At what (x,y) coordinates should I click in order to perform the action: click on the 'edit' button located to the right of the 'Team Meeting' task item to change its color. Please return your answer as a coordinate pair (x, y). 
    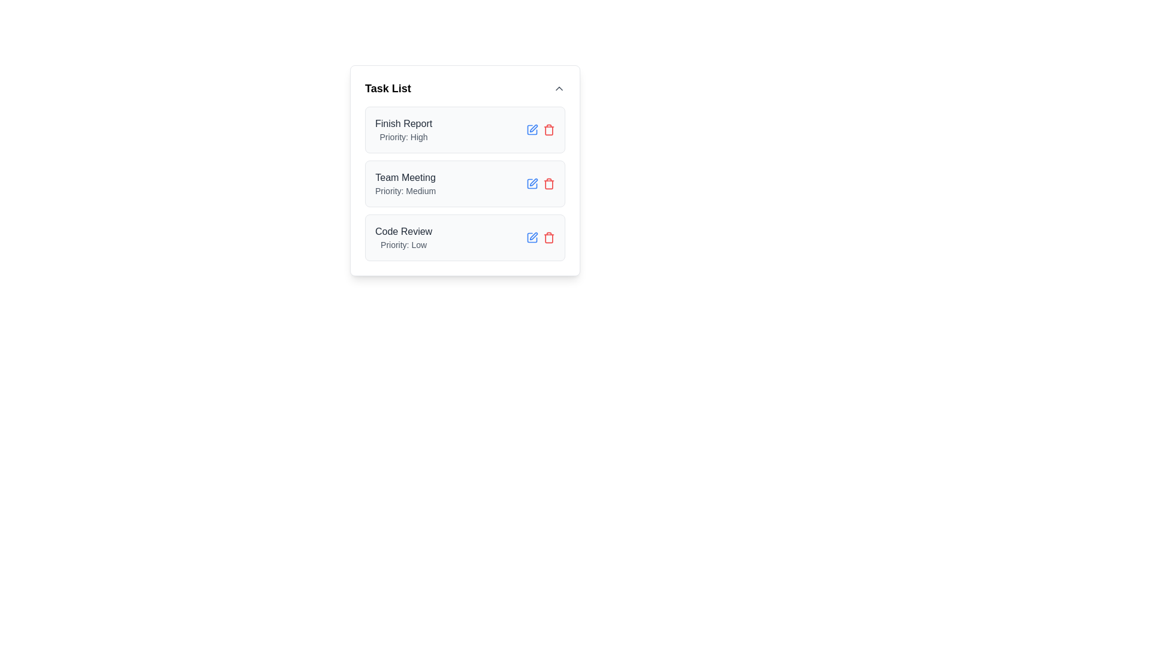
    Looking at the image, I should click on (532, 184).